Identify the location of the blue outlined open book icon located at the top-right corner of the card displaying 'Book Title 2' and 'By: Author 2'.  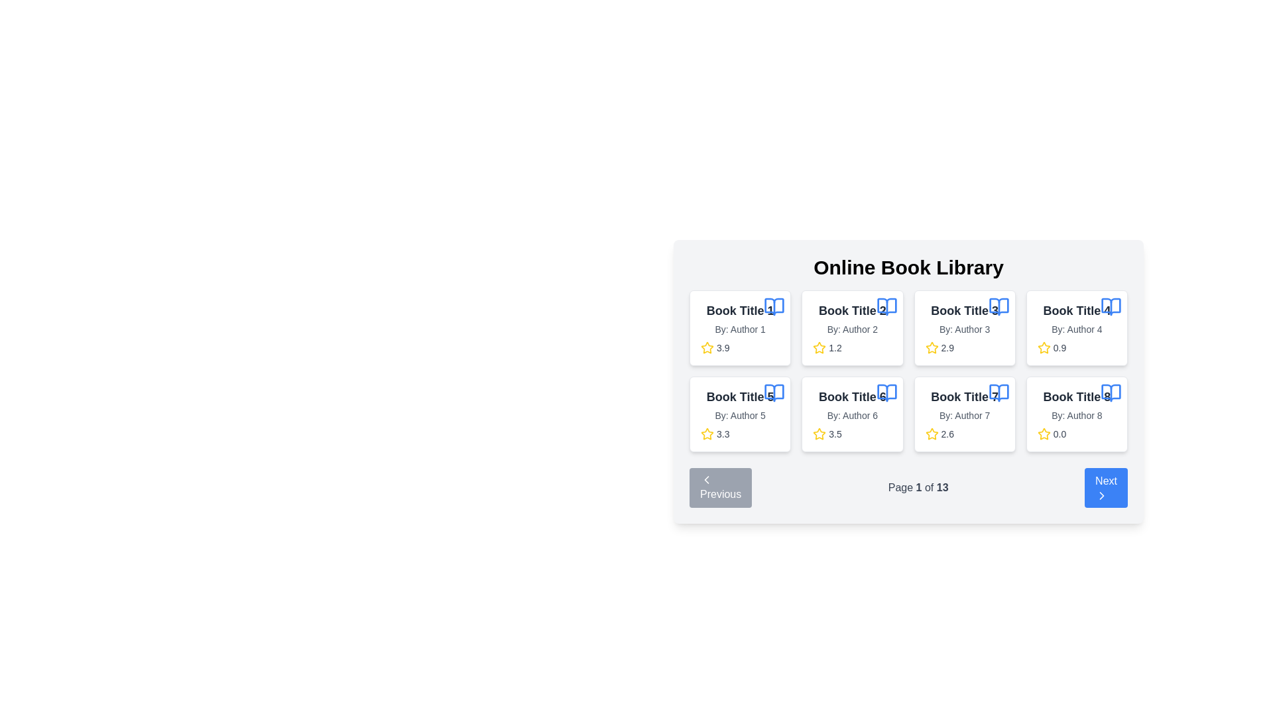
(886, 306).